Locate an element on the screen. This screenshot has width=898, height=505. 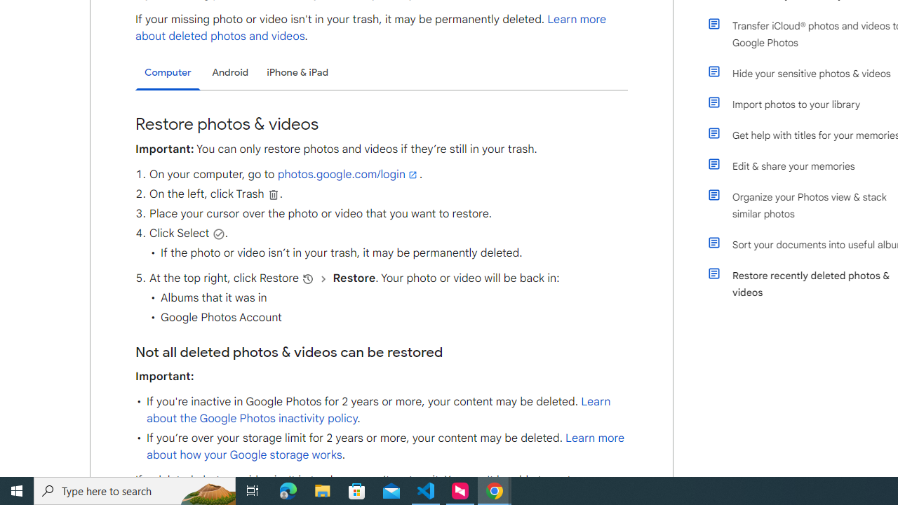
'Learn more about deleted photos and videos' is located at coordinates (371, 27).